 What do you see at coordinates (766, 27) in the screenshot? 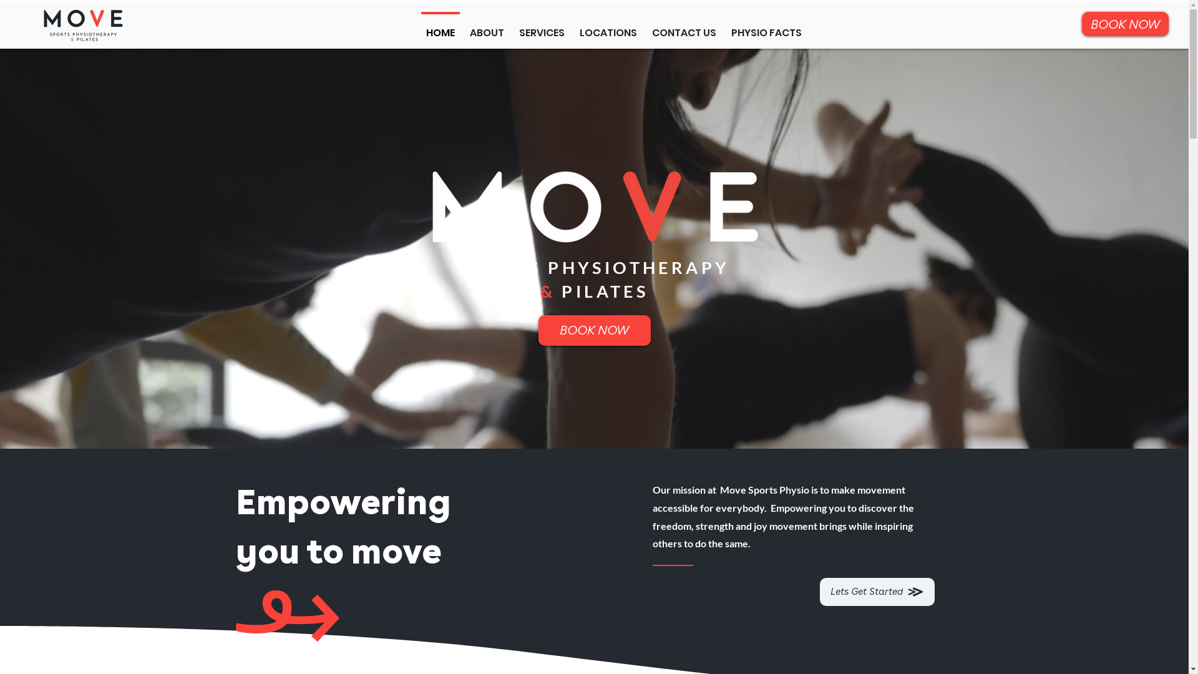
I see `'PHYSIO FACTS'` at bounding box center [766, 27].